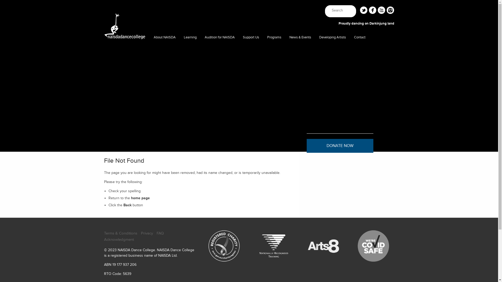 The height and width of the screenshot is (282, 502). What do you see at coordinates (350, 37) in the screenshot?
I see `'Contact'` at bounding box center [350, 37].